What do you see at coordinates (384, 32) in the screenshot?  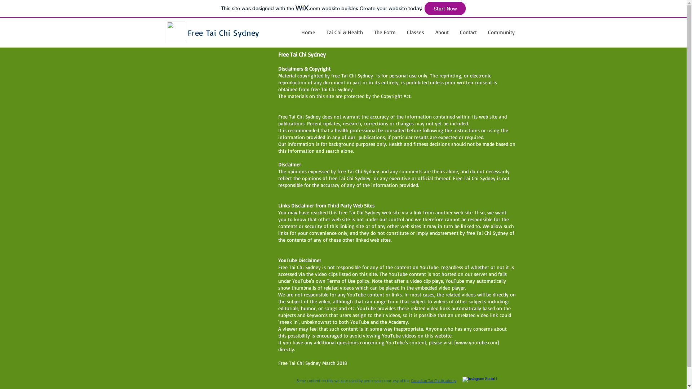 I see `'The Form'` at bounding box center [384, 32].